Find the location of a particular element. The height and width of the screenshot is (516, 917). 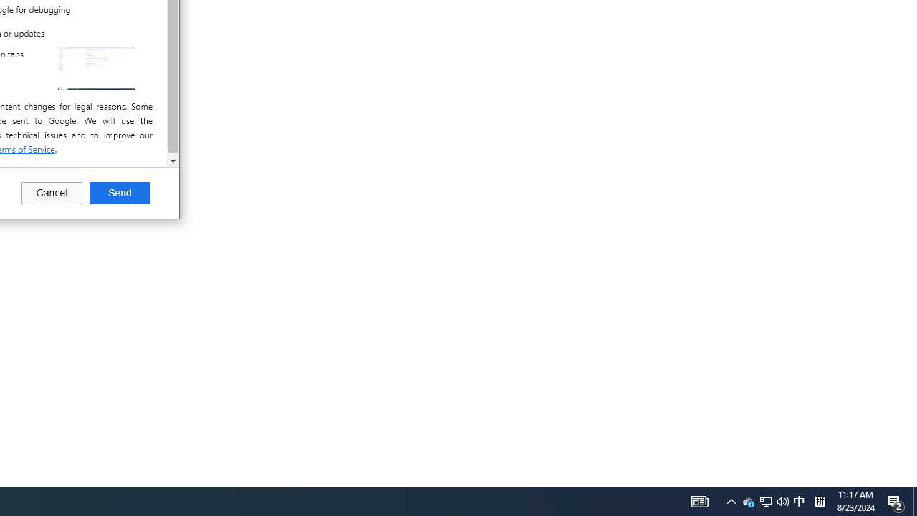

'User Promoted Notification Area' is located at coordinates (765, 500).